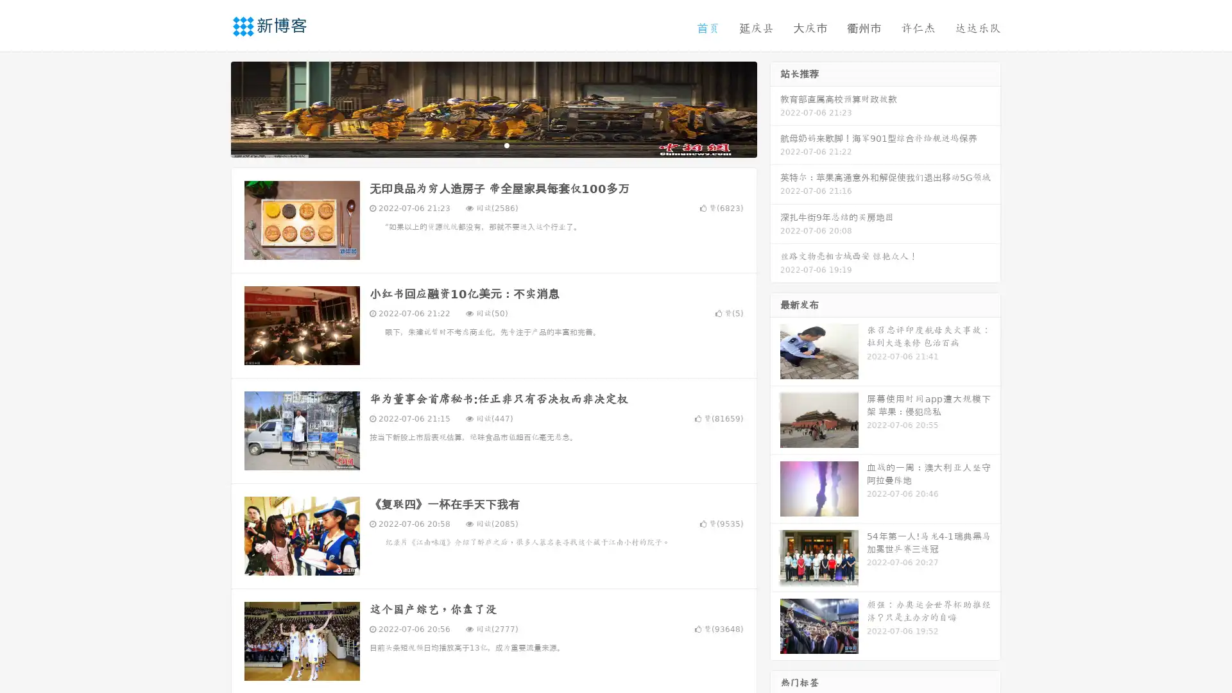 This screenshot has height=693, width=1232. What do you see at coordinates (480, 144) in the screenshot?
I see `Go to slide 1` at bounding box center [480, 144].